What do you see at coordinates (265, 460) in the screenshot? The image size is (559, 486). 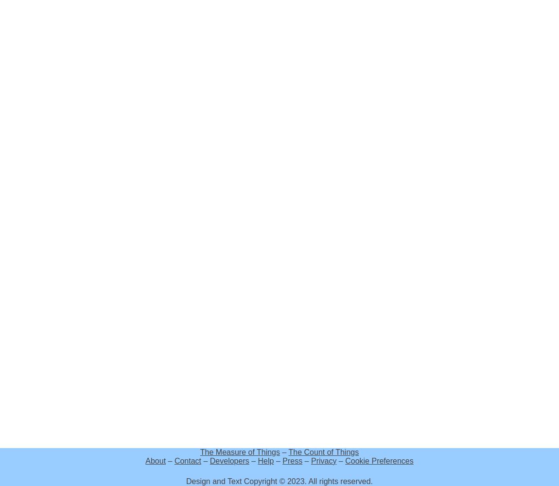 I see `'Help'` at bounding box center [265, 460].